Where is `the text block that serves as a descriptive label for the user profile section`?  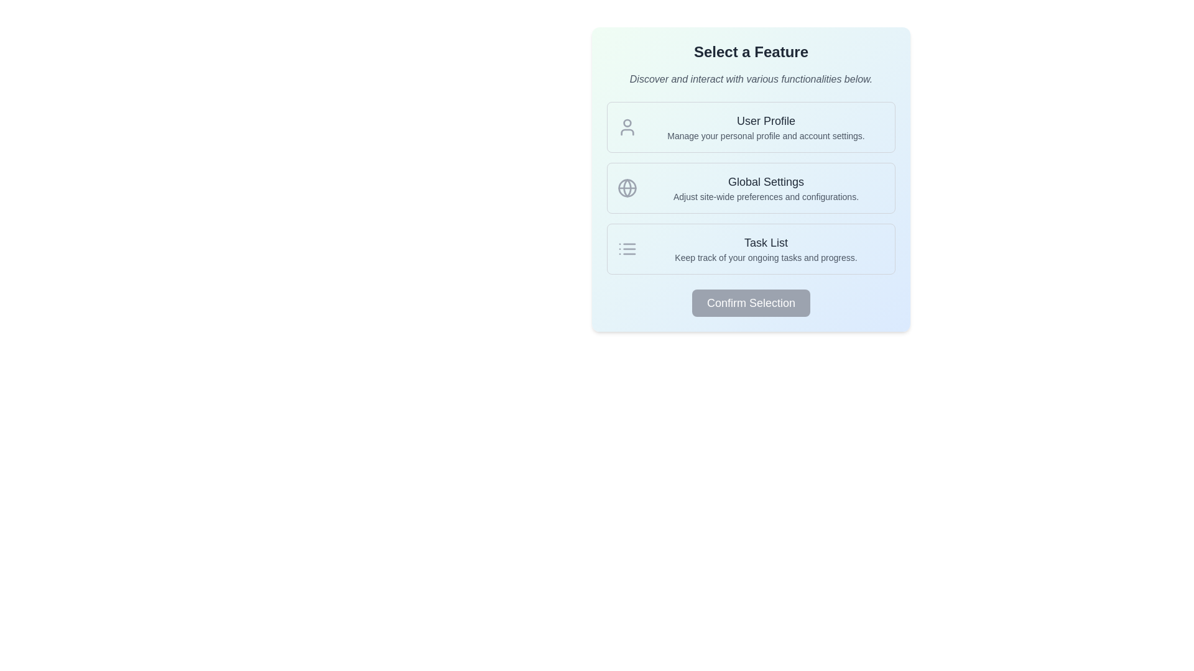 the text block that serves as a descriptive label for the user profile section is located at coordinates (766, 127).